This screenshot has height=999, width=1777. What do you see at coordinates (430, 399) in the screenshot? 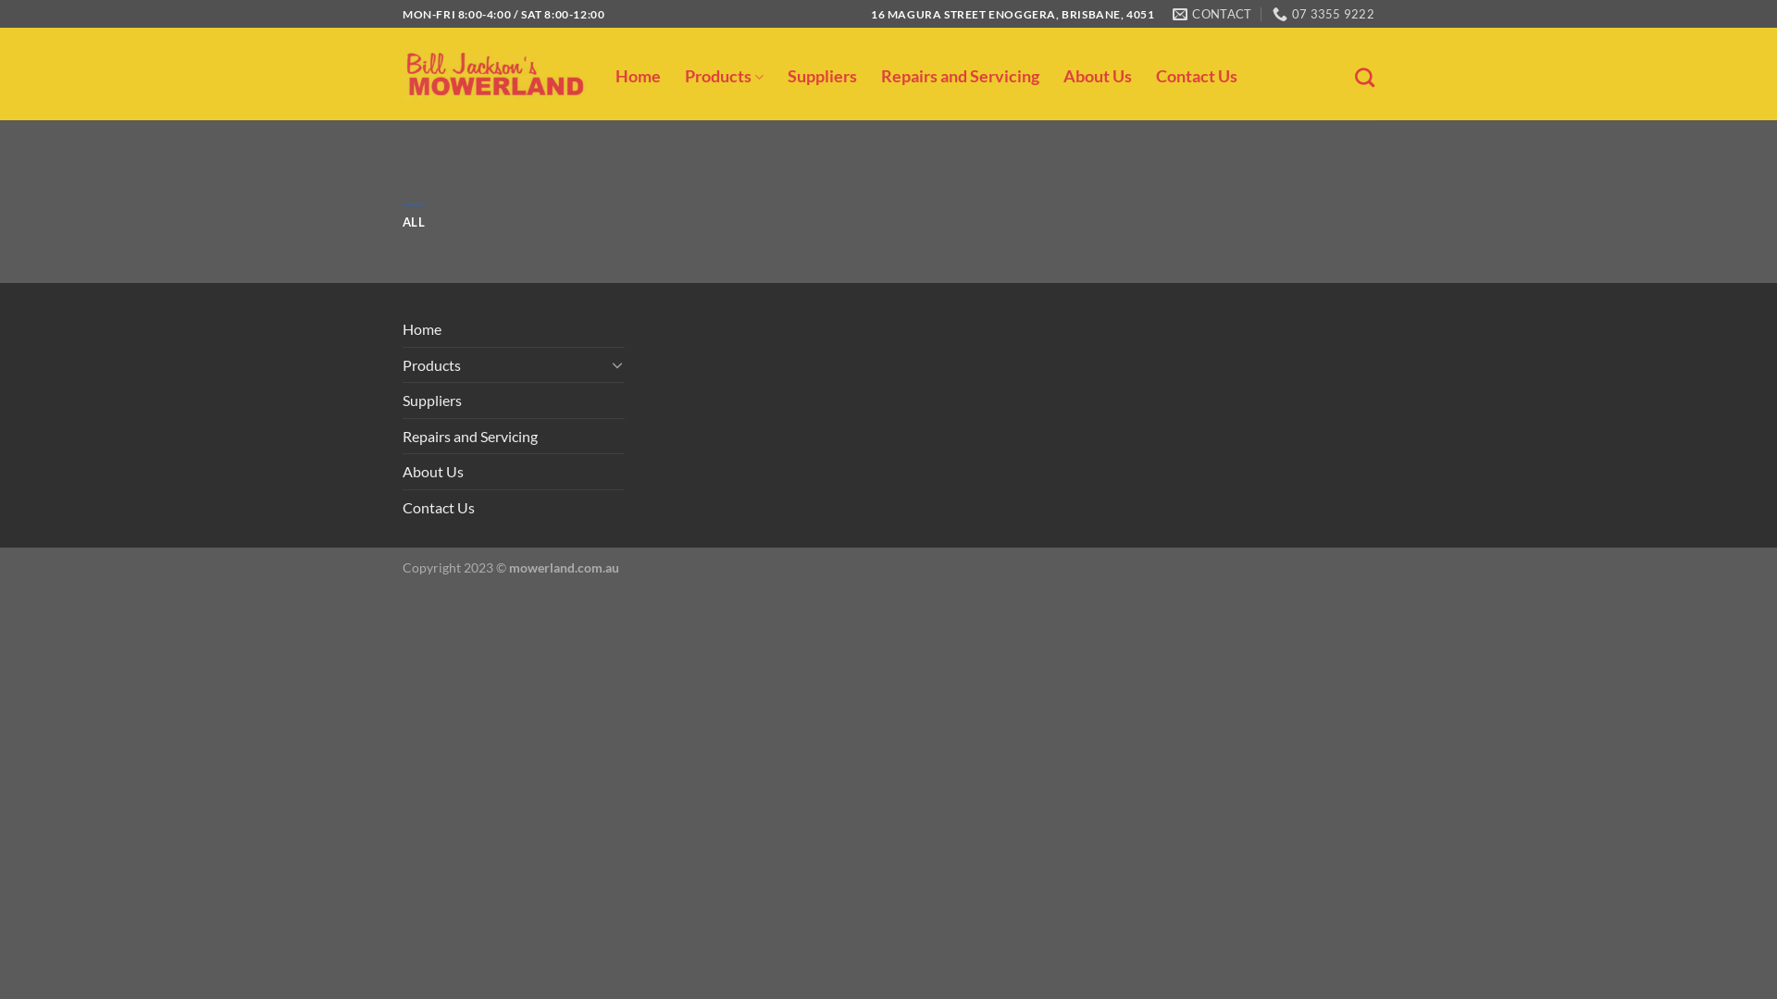
I see `'Suppliers'` at bounding box center [430, 399].